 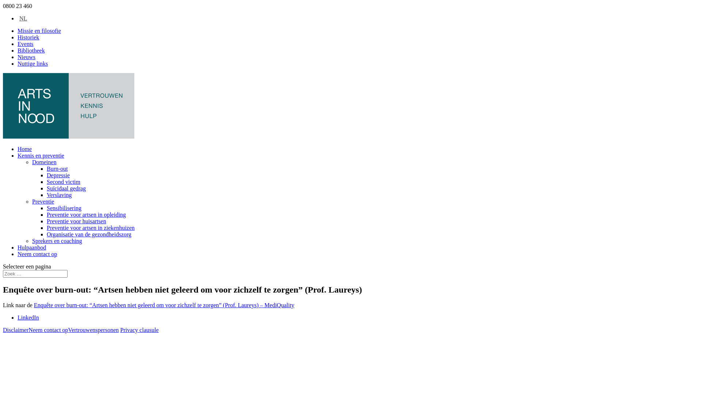 I want to click on 'Neem contact op', so click(x=37, y=254).